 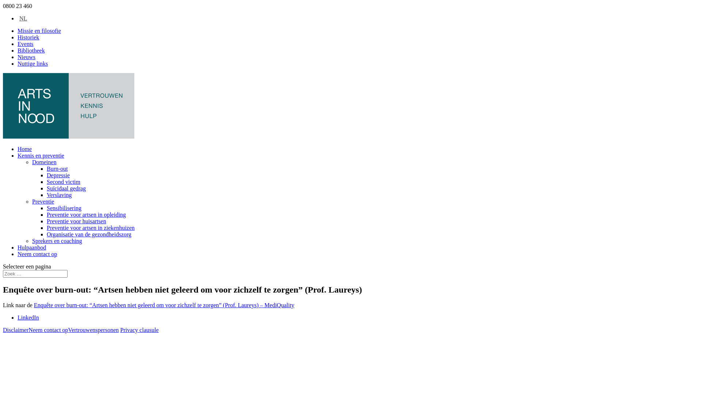 I want to click on 'Neem contact op', so click(x=37, y=254).